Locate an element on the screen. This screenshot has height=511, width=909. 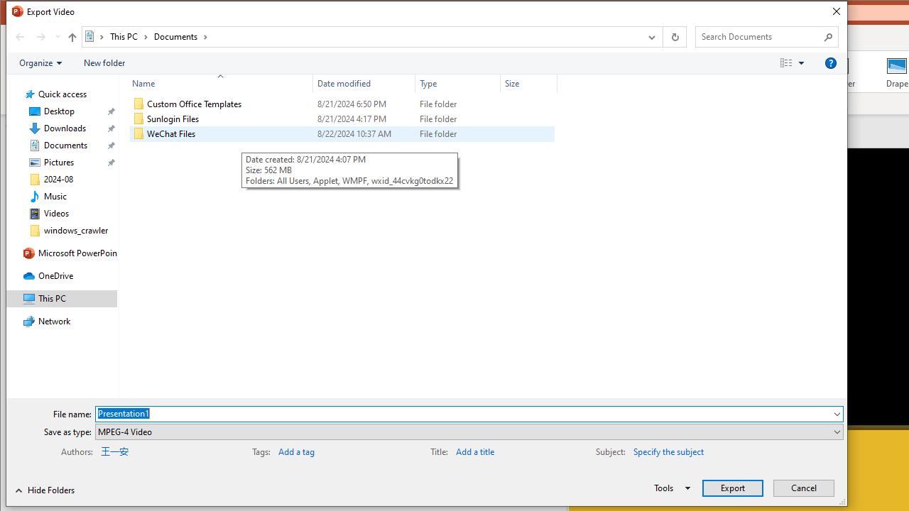
'Export' is located at coordinates (733, 488).